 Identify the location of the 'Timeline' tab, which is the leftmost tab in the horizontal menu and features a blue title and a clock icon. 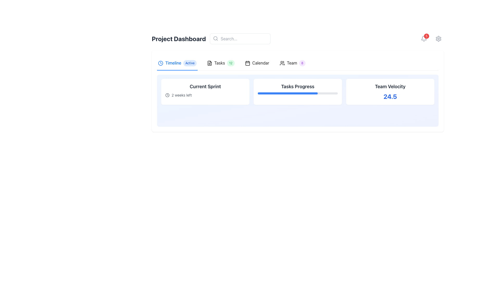
(177, 63).